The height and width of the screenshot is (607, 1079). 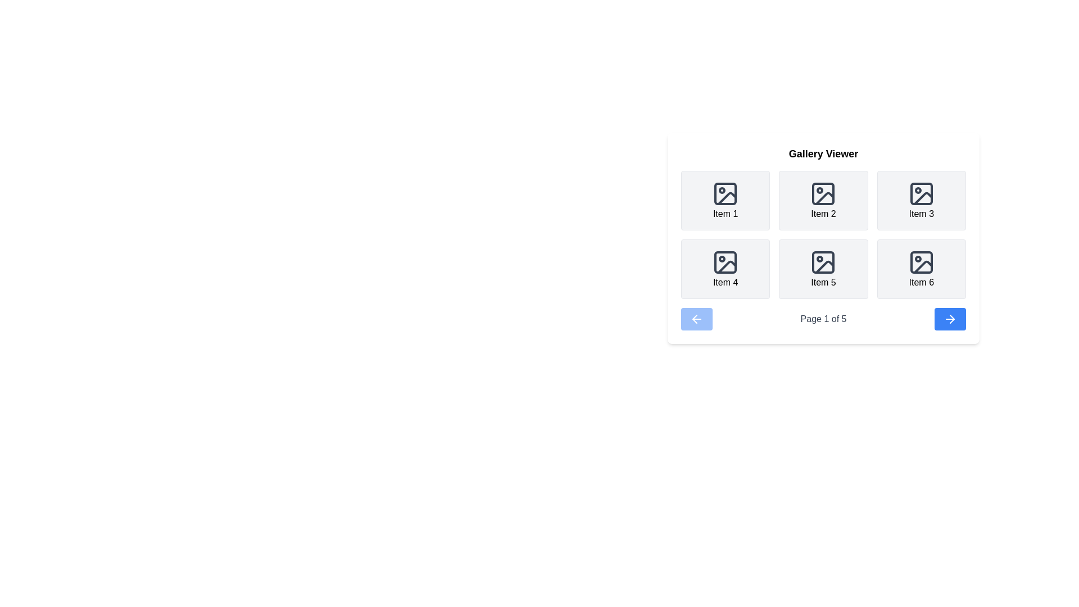 I want to click on the blue button with white text and an arrow icon, so click(x=949, y=319).